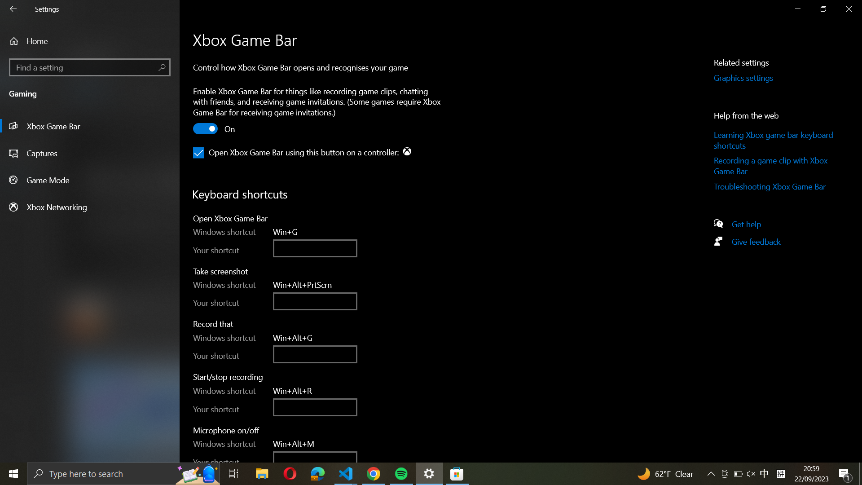 The image size is (862, 485). Describe the element at coordinates (89, 126) in the screenshot. I see `the Game Bar settings` at that location.